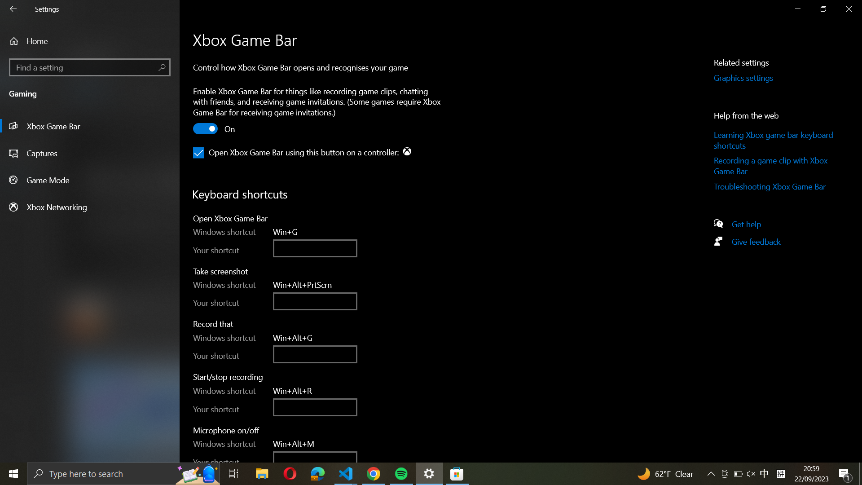 The image size is (862, 485). Describe the element at coordinates (89, 126) in the screenshot. I see `the Game Bar settings` at that location.